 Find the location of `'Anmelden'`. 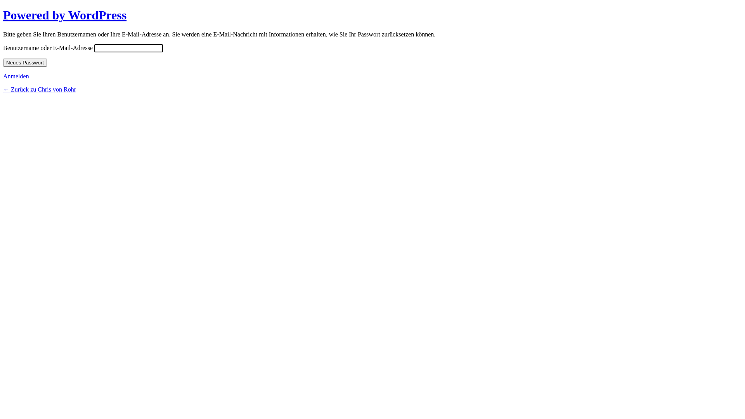

'Anmelden' is located at coordinates (16, 76).